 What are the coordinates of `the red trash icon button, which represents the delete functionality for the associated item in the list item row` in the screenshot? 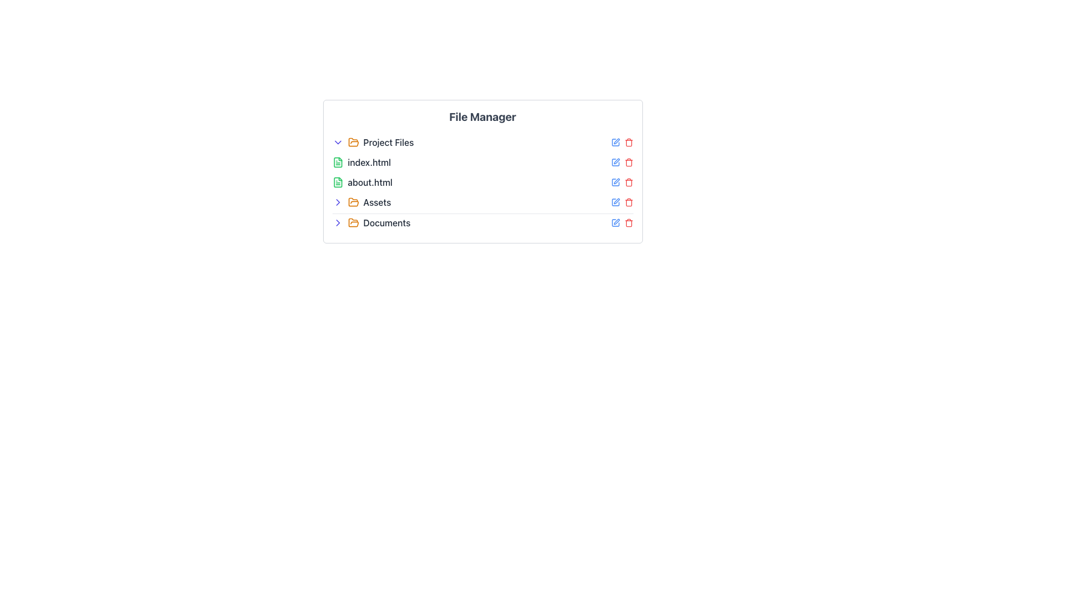 It's located at (628, 181).